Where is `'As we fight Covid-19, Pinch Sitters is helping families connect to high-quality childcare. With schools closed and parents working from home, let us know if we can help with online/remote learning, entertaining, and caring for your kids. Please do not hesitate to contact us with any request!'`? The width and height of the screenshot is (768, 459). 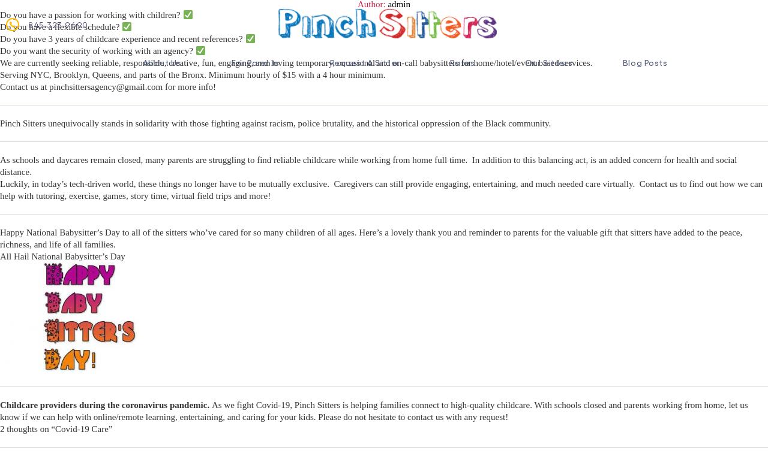
'As we fight Covid-19, Pinch Sitters is helping families connect to high-quality childcare. With schools closed and parents working from home, let us know if we can help with online/remote learning, entertaining, and caring for your kids. Please do not hesitate to contact us with any request!' is located at coordinates (373, 411).